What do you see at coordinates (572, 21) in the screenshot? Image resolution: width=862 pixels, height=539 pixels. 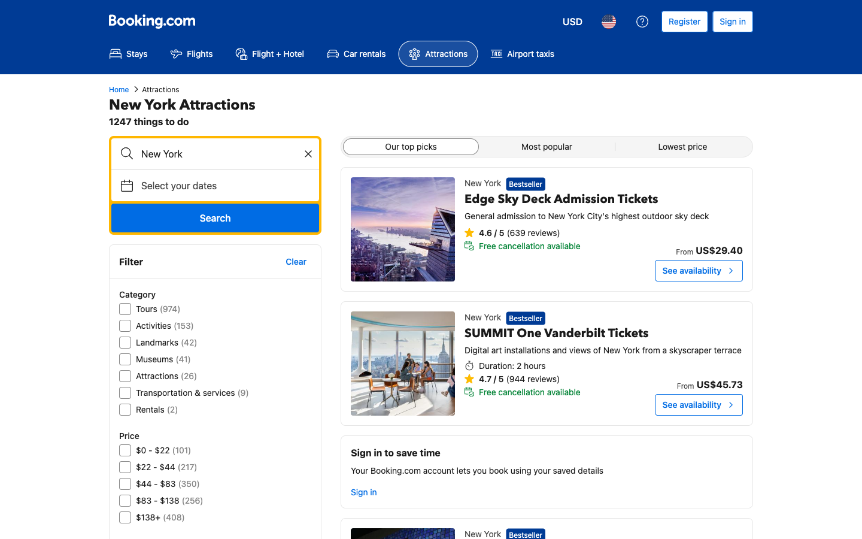 I see `the next currency from the drop-down menu` at bounding box center [572, 21].